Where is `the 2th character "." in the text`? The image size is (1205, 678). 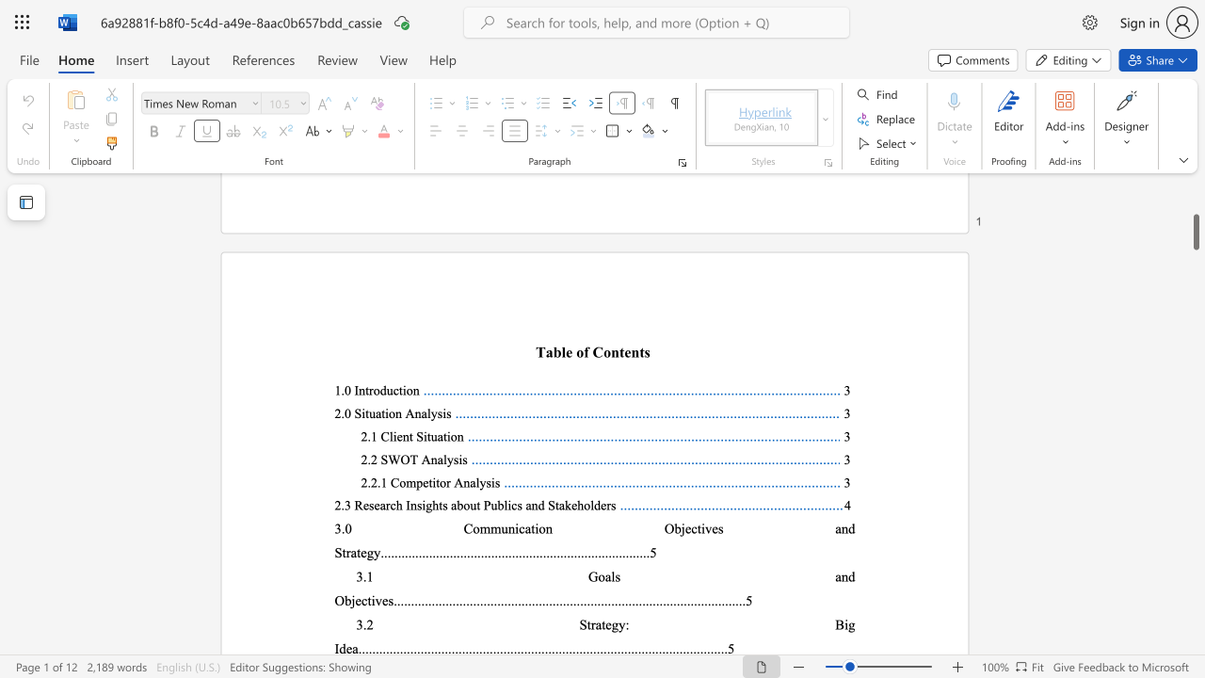
the 2th character "." in the text is located at coordinates (378, 481).